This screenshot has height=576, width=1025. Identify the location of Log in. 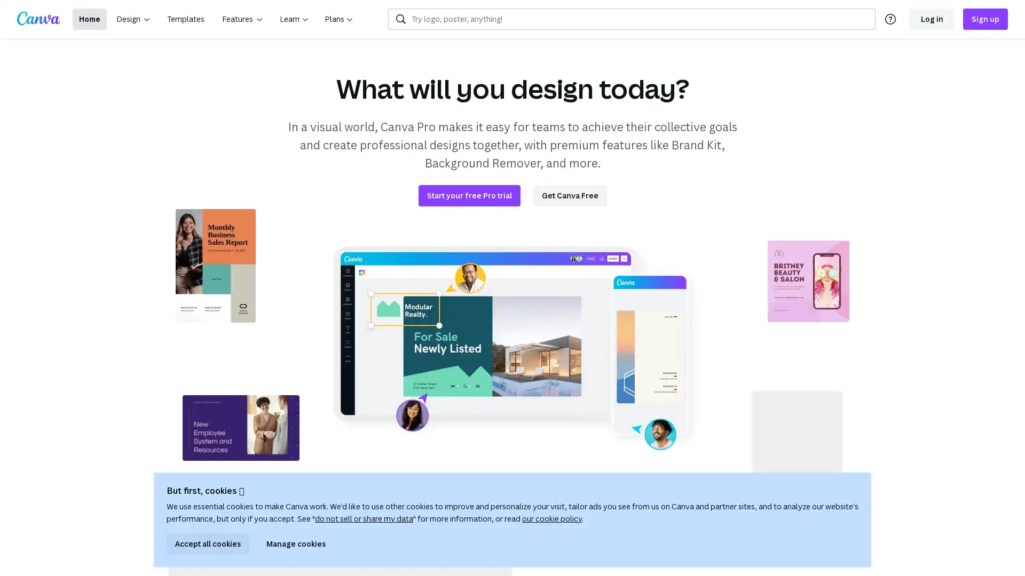
(932, 19).